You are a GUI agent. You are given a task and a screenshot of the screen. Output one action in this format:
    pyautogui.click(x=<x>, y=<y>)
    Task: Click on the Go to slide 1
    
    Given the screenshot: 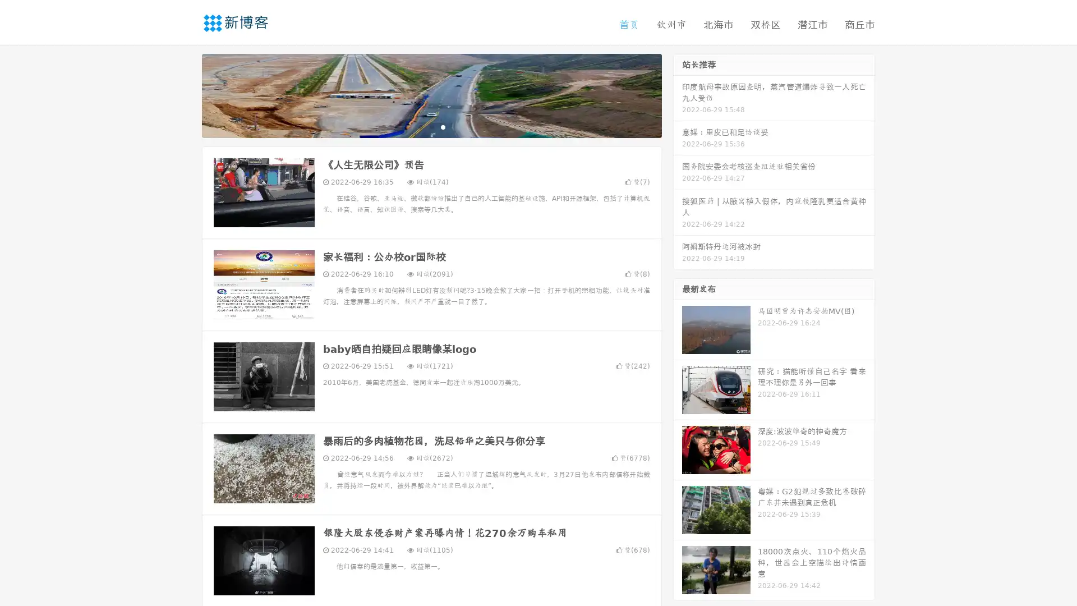 What is the action you would take?
    pyautogui.click(x=420, y=126)
    